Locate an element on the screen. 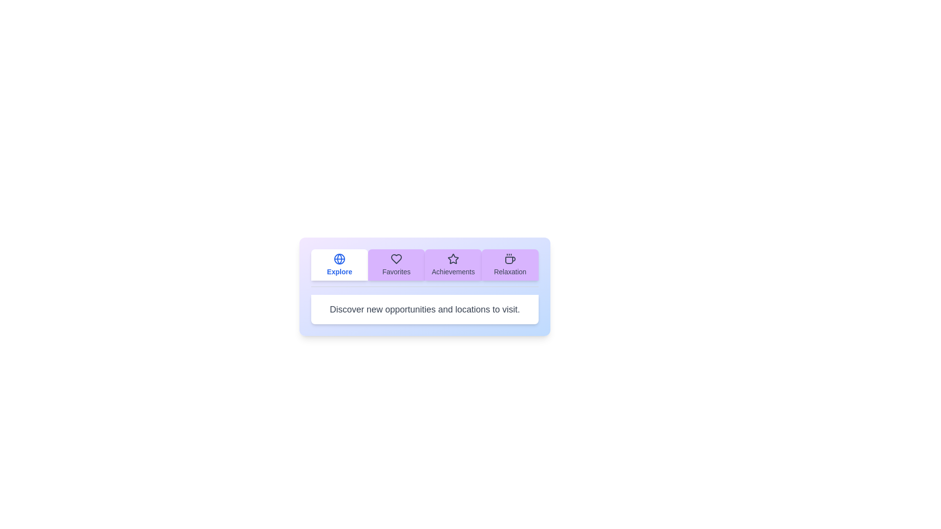 Image resolution: width=941 pixels, height=529 pixels. the tab labeled Achievements to view its content is located at coordinates (453, 264).